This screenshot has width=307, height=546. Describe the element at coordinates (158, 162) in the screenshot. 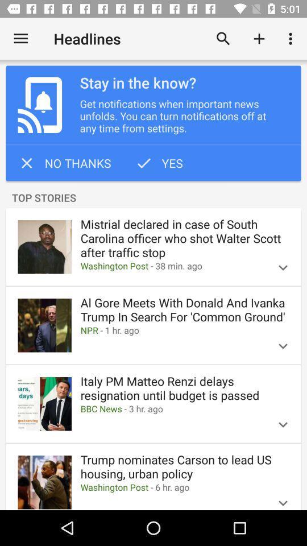

I see `the item above top stories item` at that location.